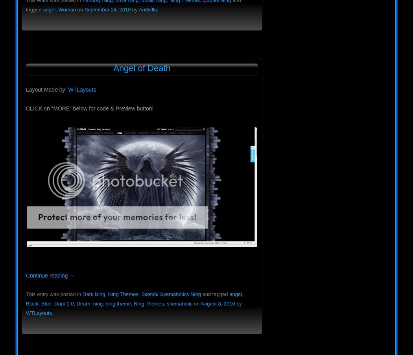  What do you see at coordinates (26, 89) in the screenshot?
I see `'Layout Made by:'` at bounding box center [26, 89].